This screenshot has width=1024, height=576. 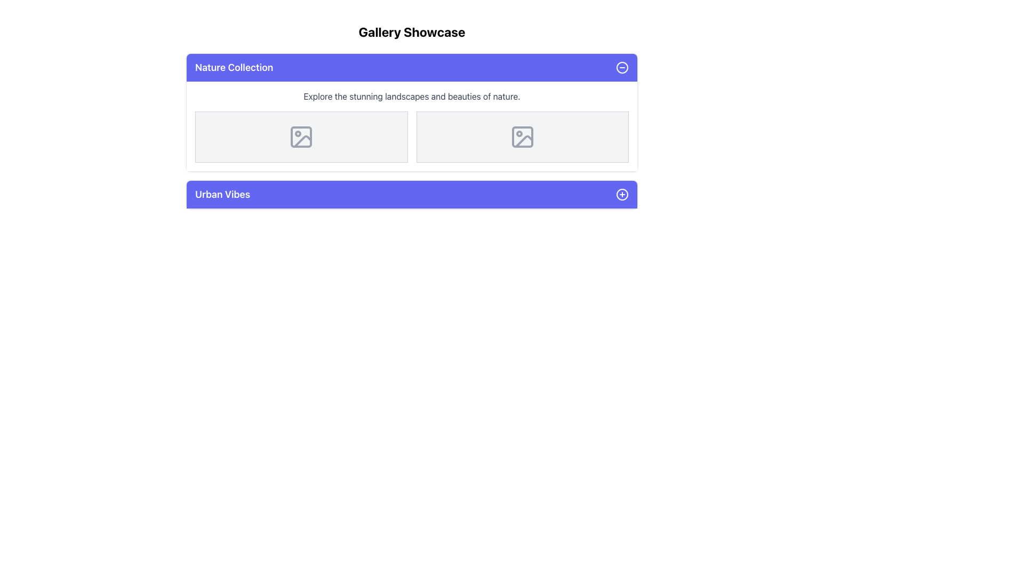 I want to click on the rounded rectangle element located within the image file icon in the 'Nature Collection' section, which is the main shape of the right rectangle, so click(x=522, y=137).